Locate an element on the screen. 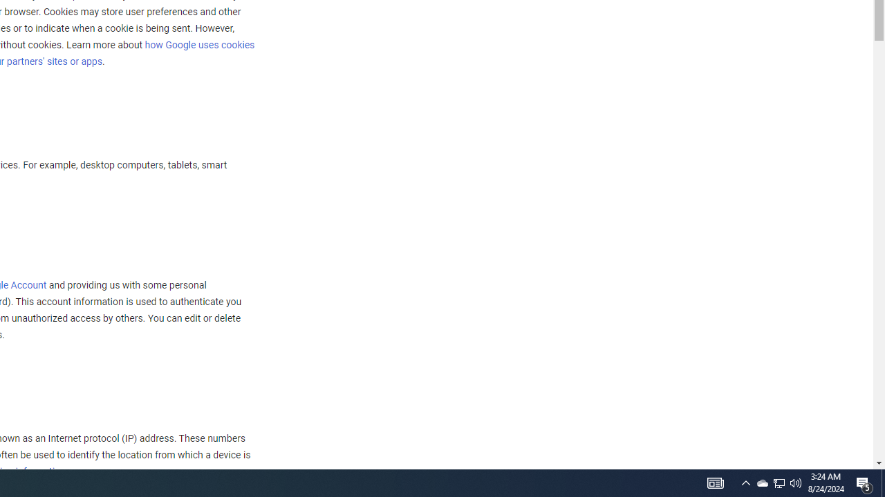 This screenshot has height=497, width=885. 'how Google uses cookies' is located at coordinates (198, 44).